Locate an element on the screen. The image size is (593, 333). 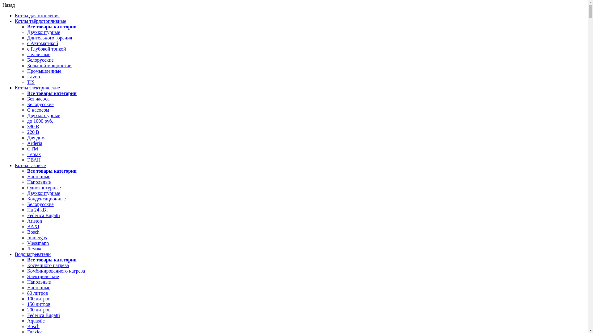
'Lavoro' is located at coordinates (34, 76).